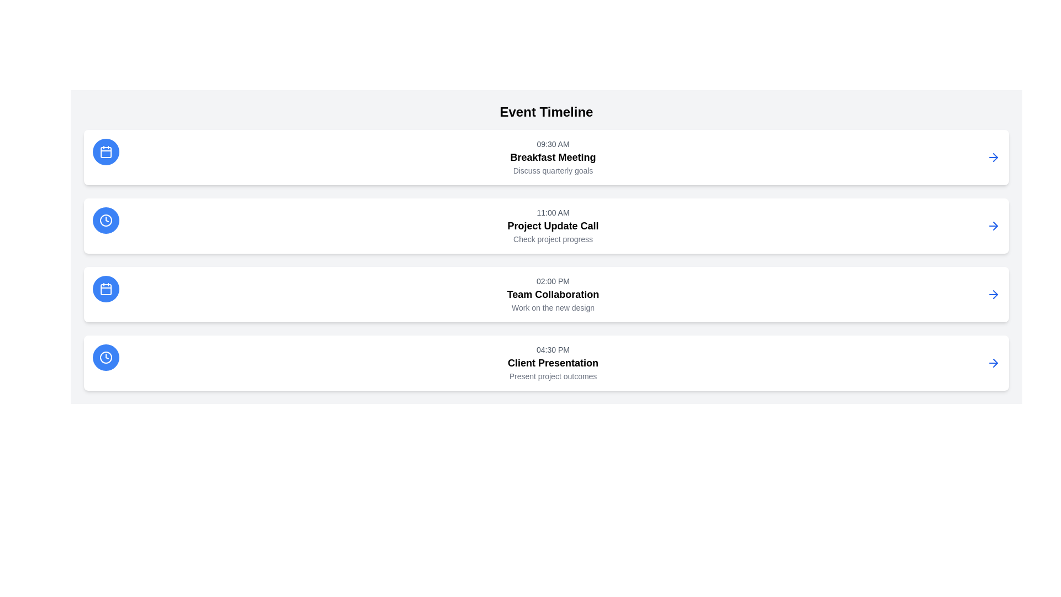  What do you see at coordinates (553, 158) in the screenshot?
I see `the text block displaying 'Breakfast Meeting' within the event timeline, which includes the time '09:30 AM' and the description 'Discuss quarterly goals'` at bounding box center [553, 158].